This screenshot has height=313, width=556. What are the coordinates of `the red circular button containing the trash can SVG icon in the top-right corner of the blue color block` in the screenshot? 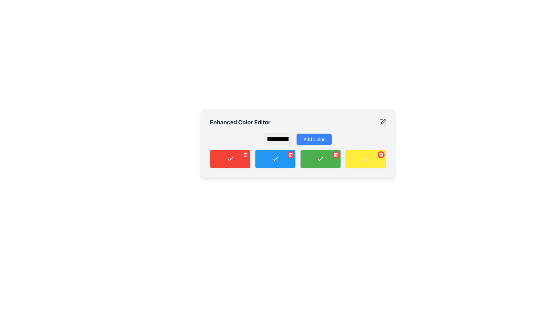 It's located at (290, 154).